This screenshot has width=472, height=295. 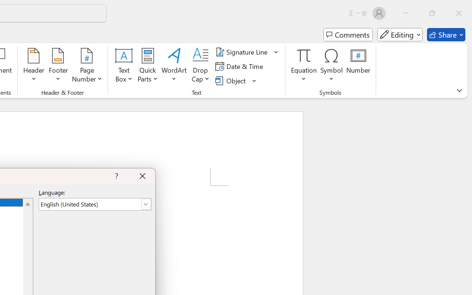 What do you see at coordinates (174, 66) in the screenshot?
I see `'WordArt'` at bounding box center [174, 66].